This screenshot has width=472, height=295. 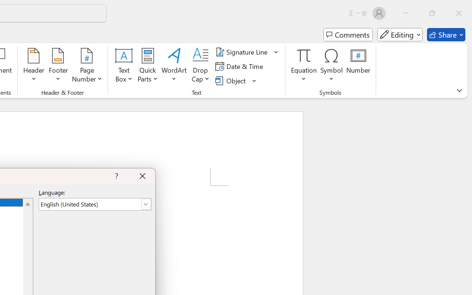 What do you see at coordinates (174, 66) in the screenshot?
I see `'WordArt'` at bounding box center [174, 66].